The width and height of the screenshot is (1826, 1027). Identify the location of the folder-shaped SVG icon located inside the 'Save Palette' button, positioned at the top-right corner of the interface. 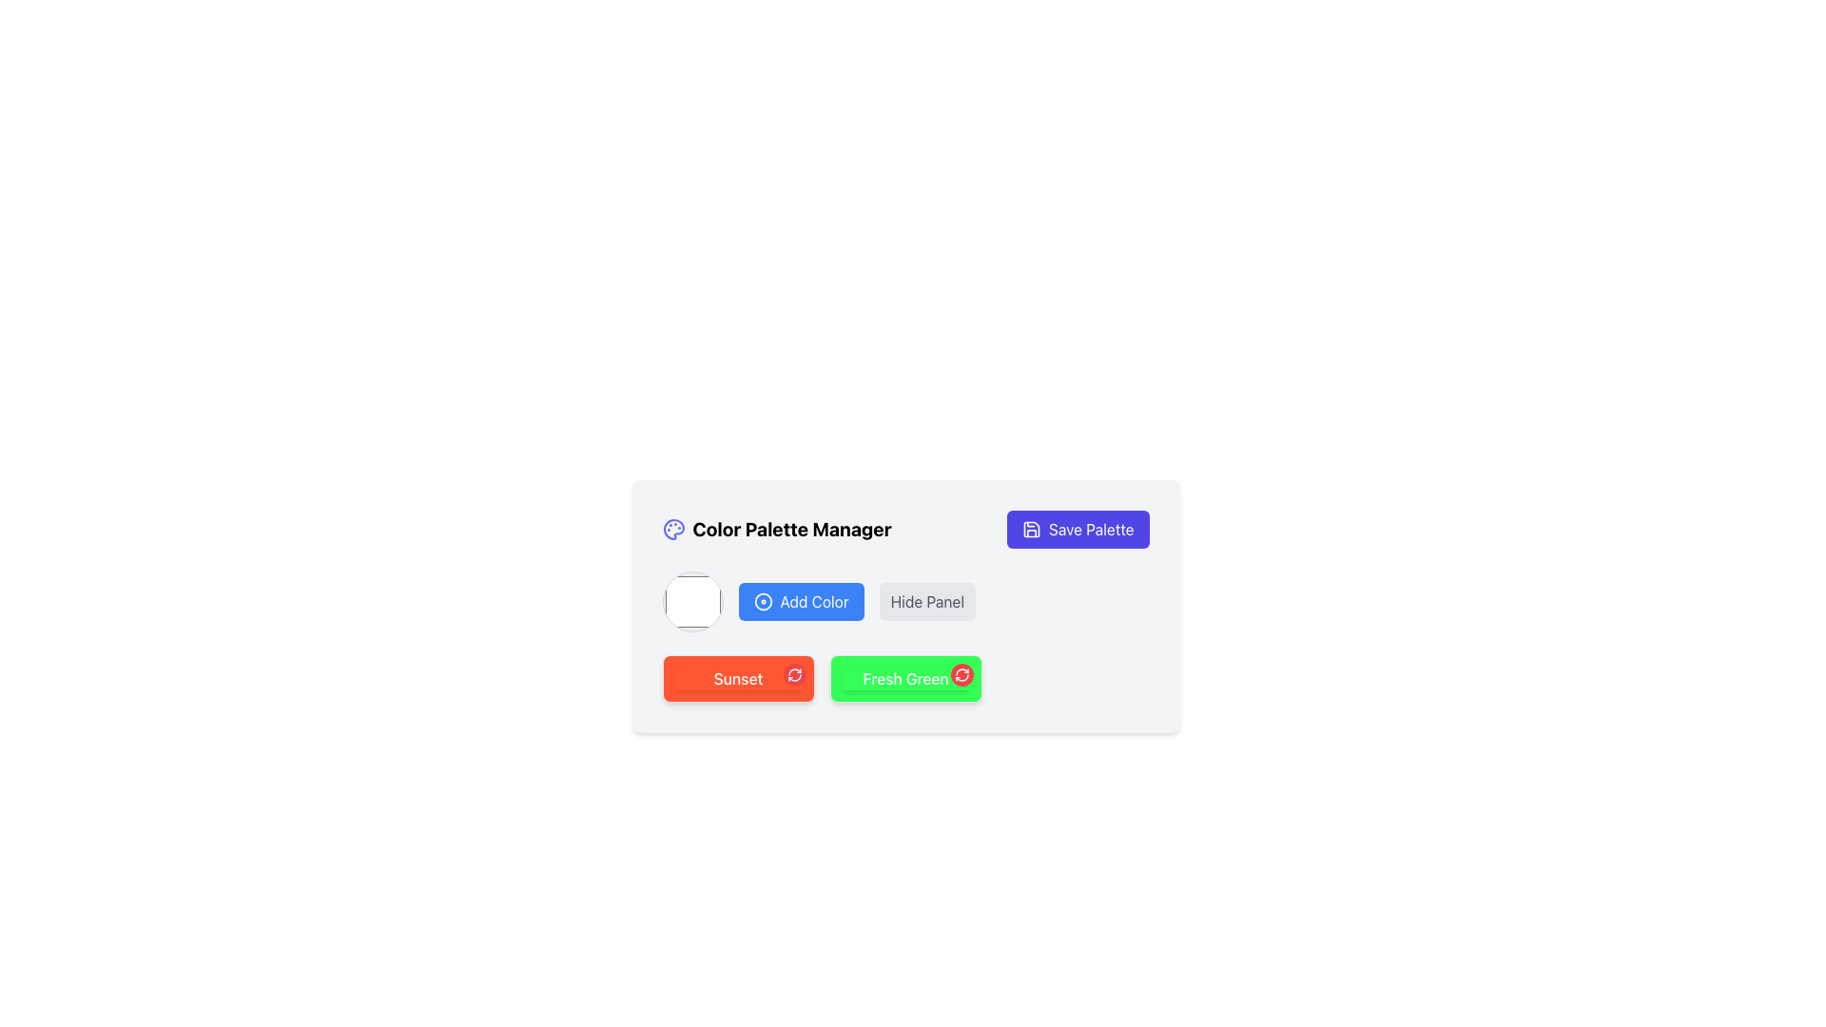
(1030, 529).